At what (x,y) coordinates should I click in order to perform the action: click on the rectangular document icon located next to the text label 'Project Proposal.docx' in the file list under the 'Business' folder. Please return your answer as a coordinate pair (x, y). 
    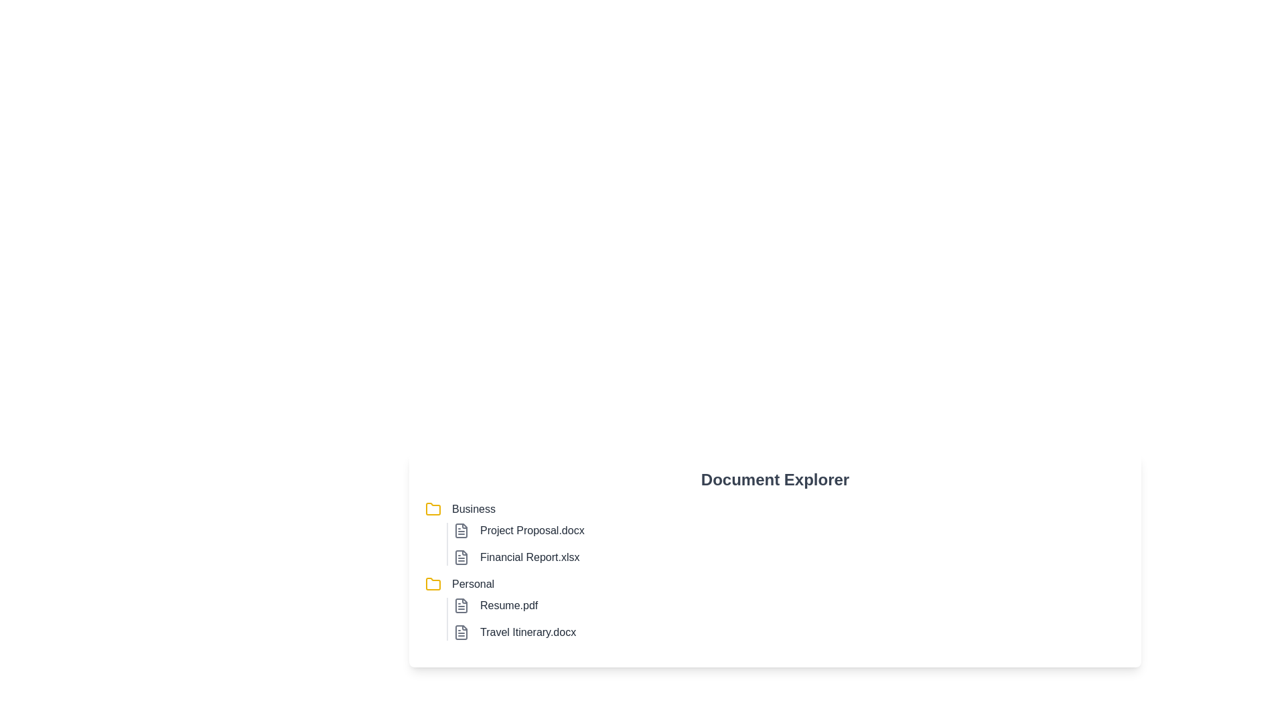
    Looking at the image, I should click on (461, 530).